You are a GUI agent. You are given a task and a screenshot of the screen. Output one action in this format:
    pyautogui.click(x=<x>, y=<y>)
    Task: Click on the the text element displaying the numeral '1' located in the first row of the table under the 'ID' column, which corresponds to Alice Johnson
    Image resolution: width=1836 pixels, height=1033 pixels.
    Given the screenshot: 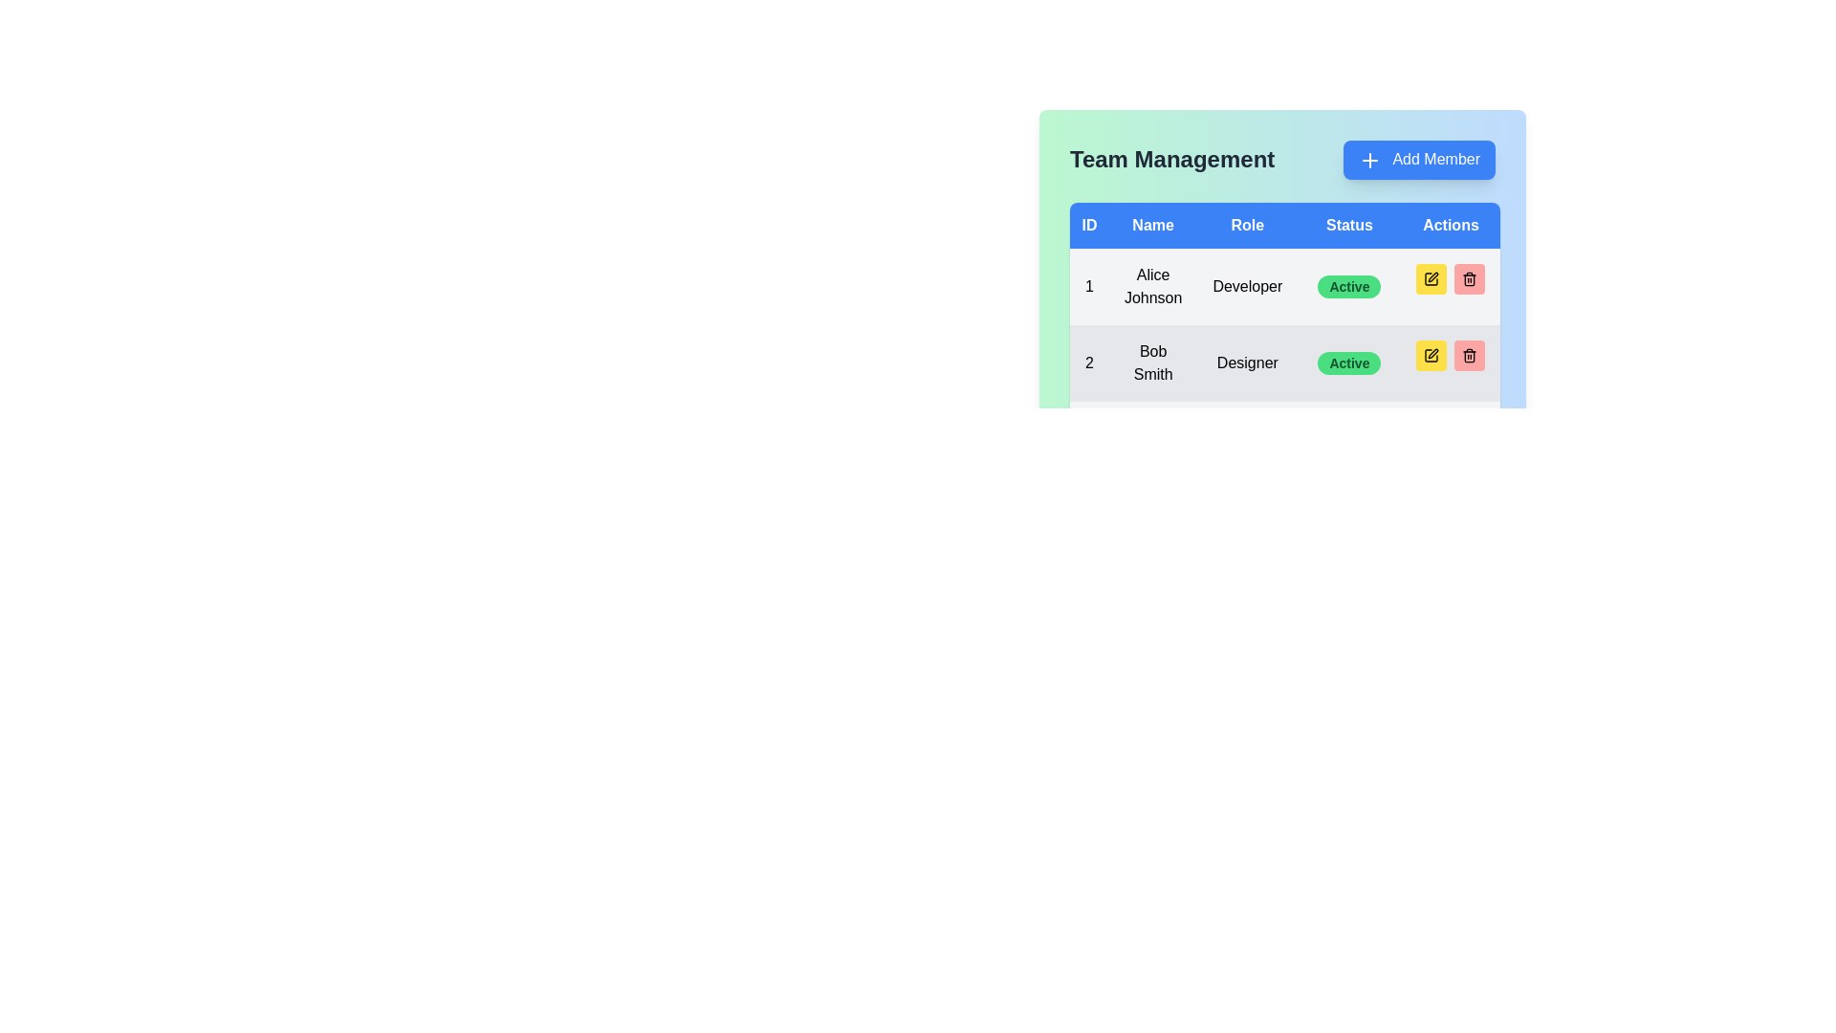 What is the action you would take?
    pyautogui.click(x=1089, y=286)
    